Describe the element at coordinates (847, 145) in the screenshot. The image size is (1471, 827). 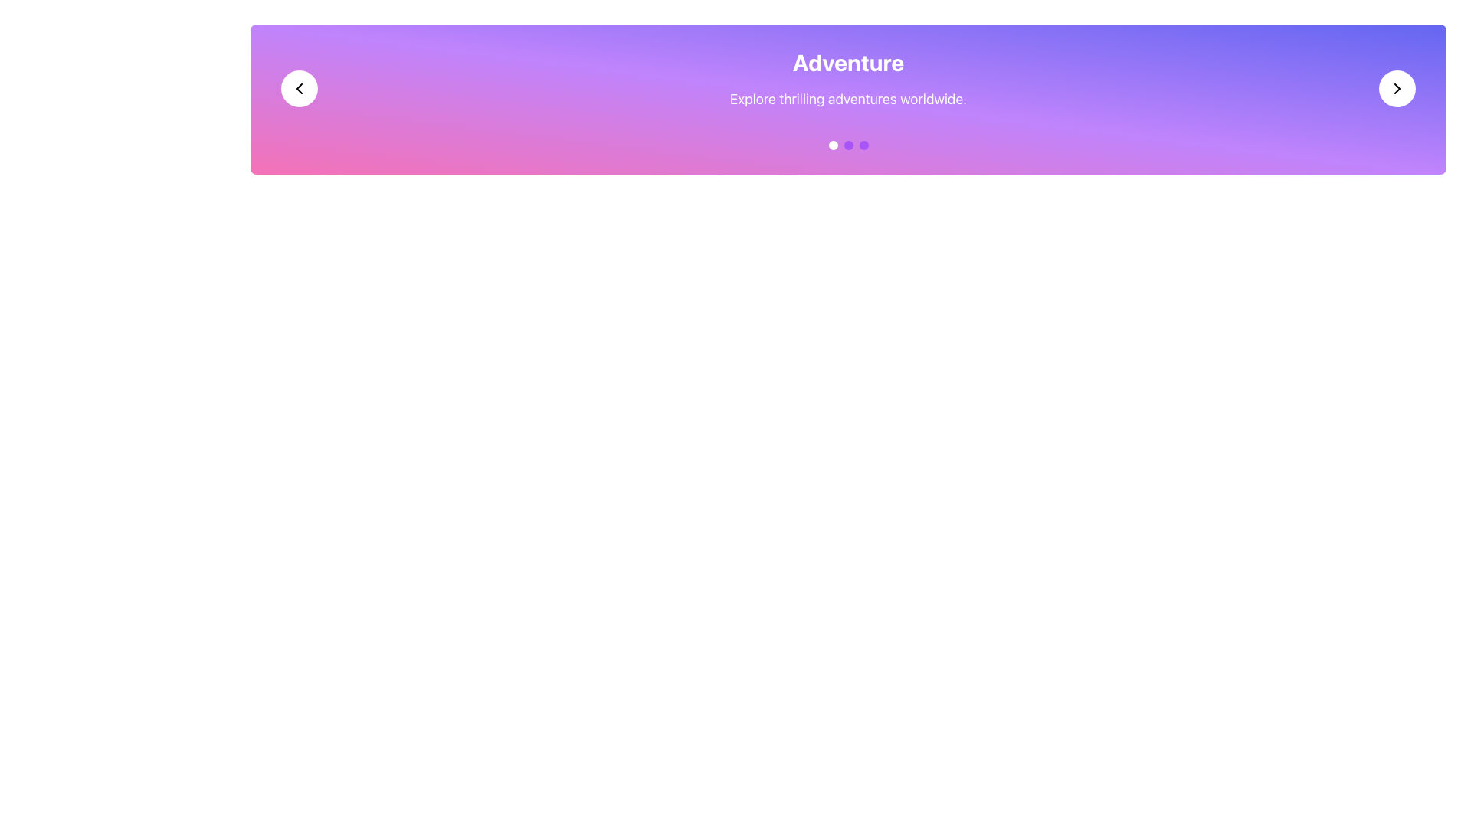
I see `the Pagination Indicator located at the bottom center of the 'Adventure' section` at that location.